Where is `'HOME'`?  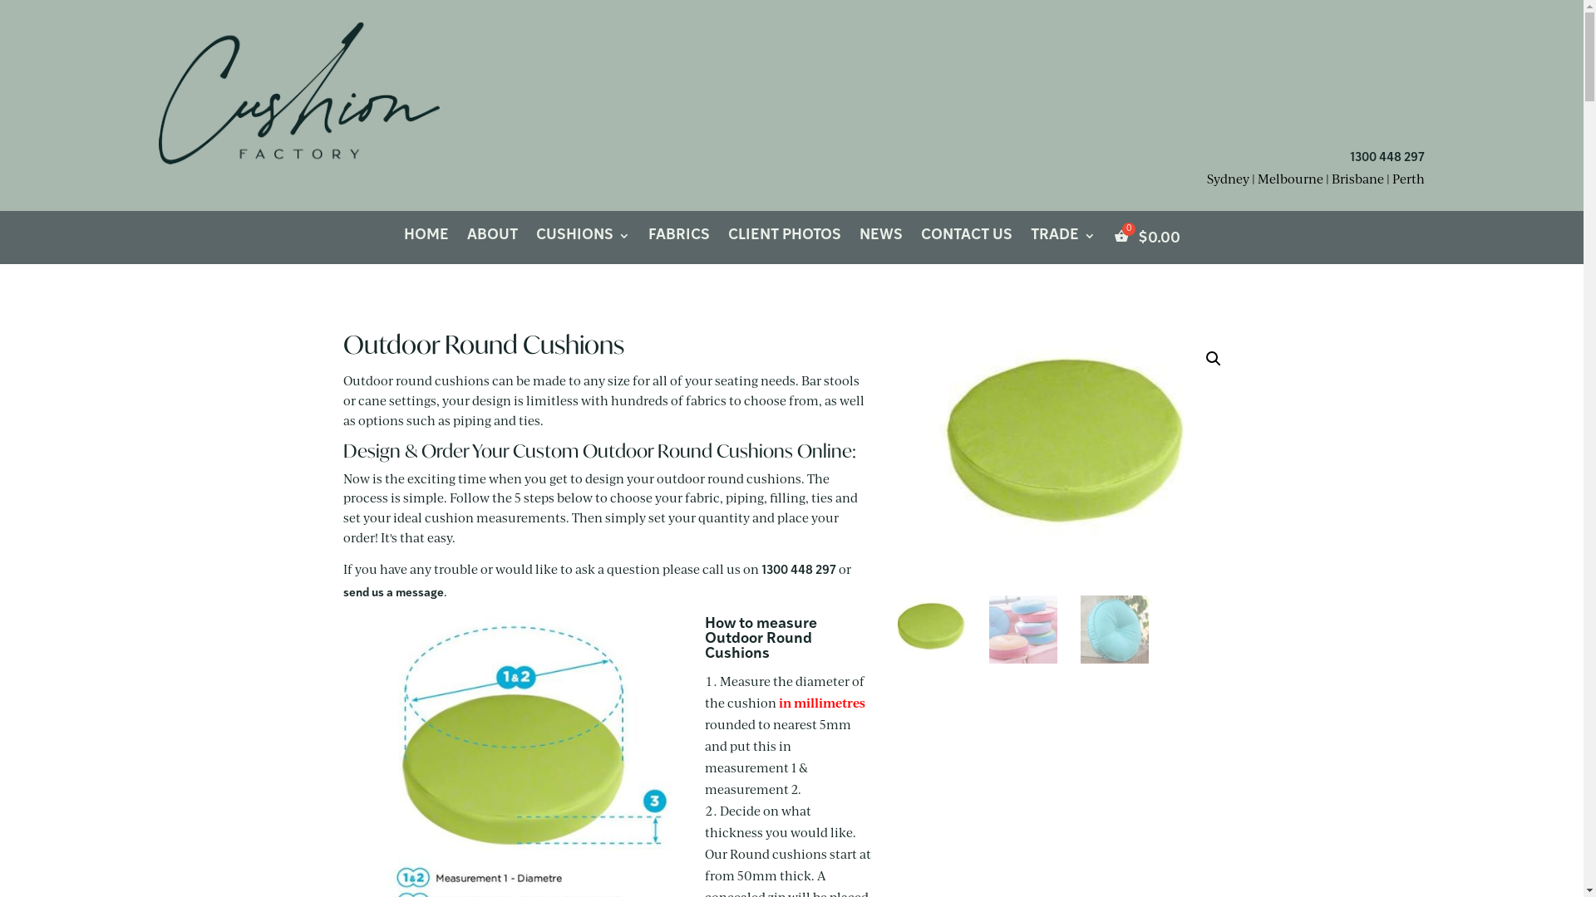
'HOME' is located at coordinates (403, 240).